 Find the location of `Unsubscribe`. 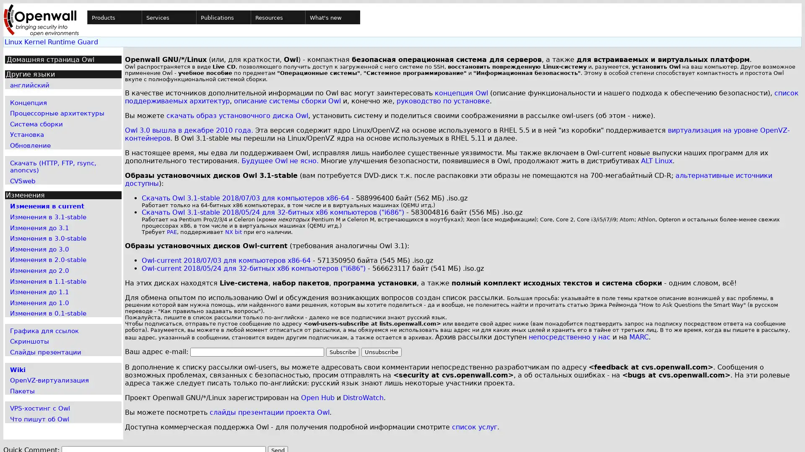

Unsubscribe is located at coordinates (380, 352).